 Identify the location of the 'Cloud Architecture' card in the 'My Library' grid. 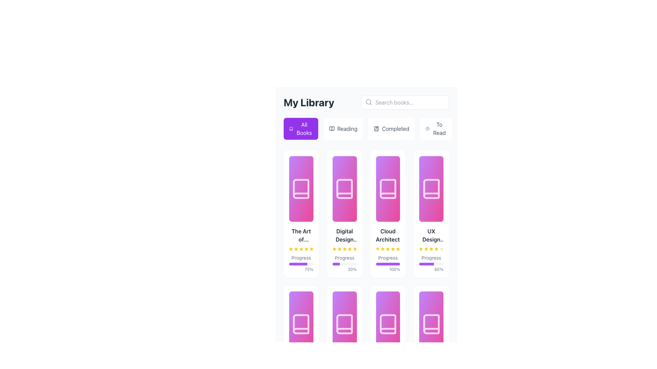
(388, 214).